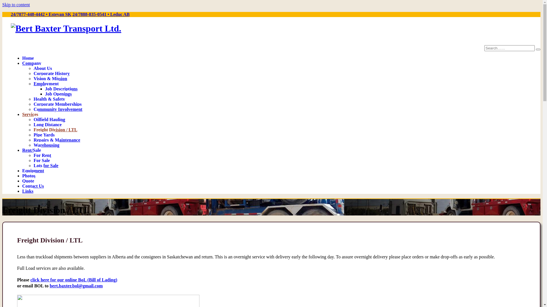 The image size is (547, 307). What do you see at coordinates (48, 124) in the screenshot?
I see `'Long Distance'` at bounding box center [48, 124].